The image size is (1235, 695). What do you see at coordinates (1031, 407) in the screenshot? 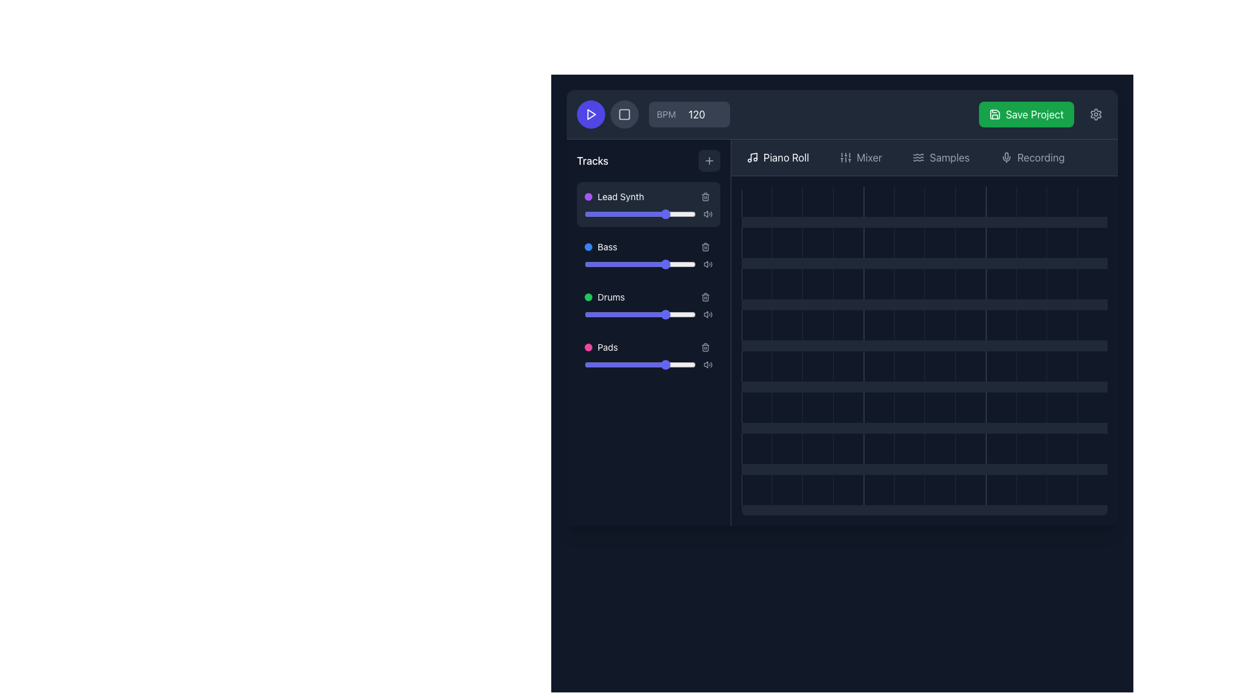
I see `the grid cell located in the 11th column of the 6th row in the piano roll UI` at bounding box center [1031, 407].